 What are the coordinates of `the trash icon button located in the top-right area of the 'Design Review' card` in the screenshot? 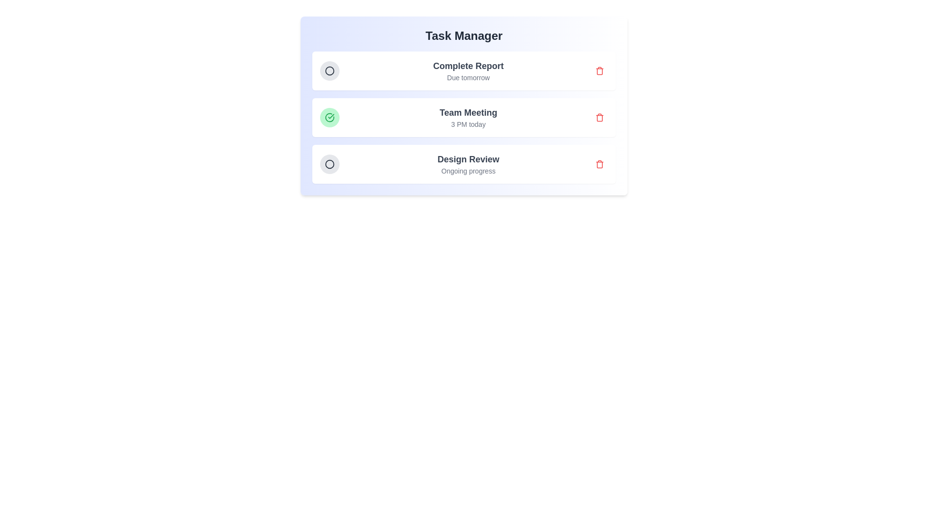 It's located at (599, 164).